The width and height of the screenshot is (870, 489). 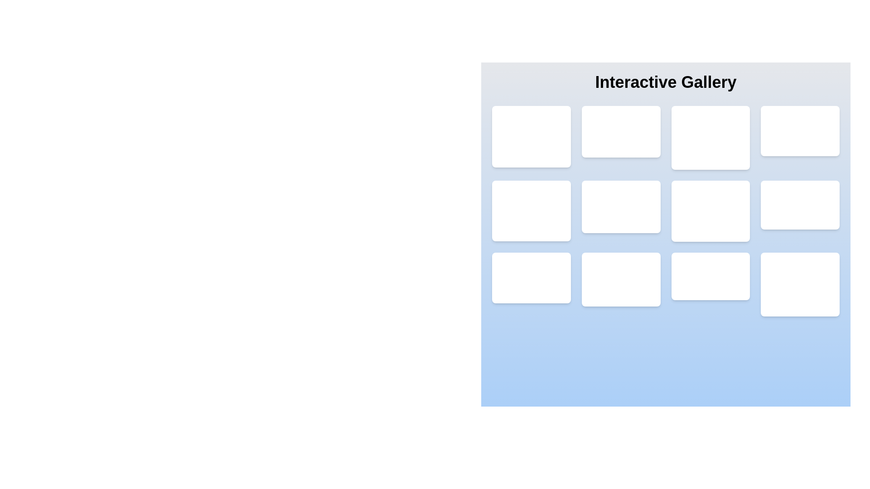 What do you see at coordinates (620, 184) in the screenshot?
I see `the text label in the second row and second column of the 'Interactive Gallery' grid, which identifies the displayed content or artwork` at bounding box center [620, 184].